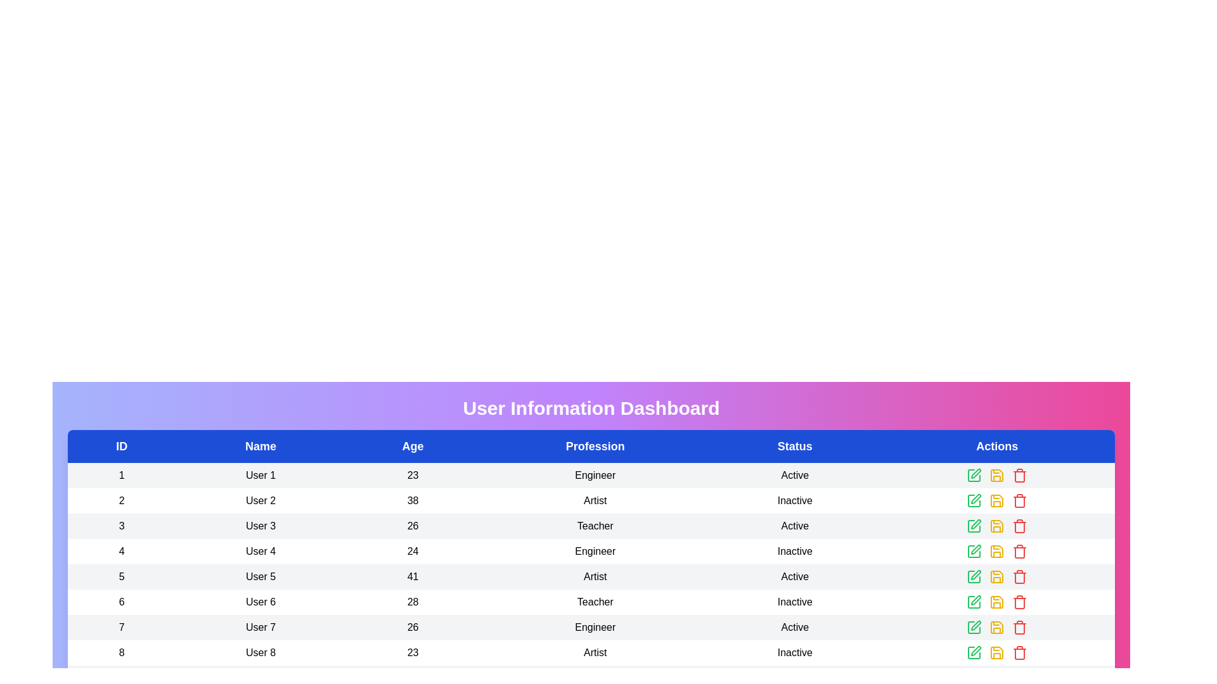  Describe the element at coordinates (973, 476) in the screenshot. I see `the edit icon for the first row` at that location.